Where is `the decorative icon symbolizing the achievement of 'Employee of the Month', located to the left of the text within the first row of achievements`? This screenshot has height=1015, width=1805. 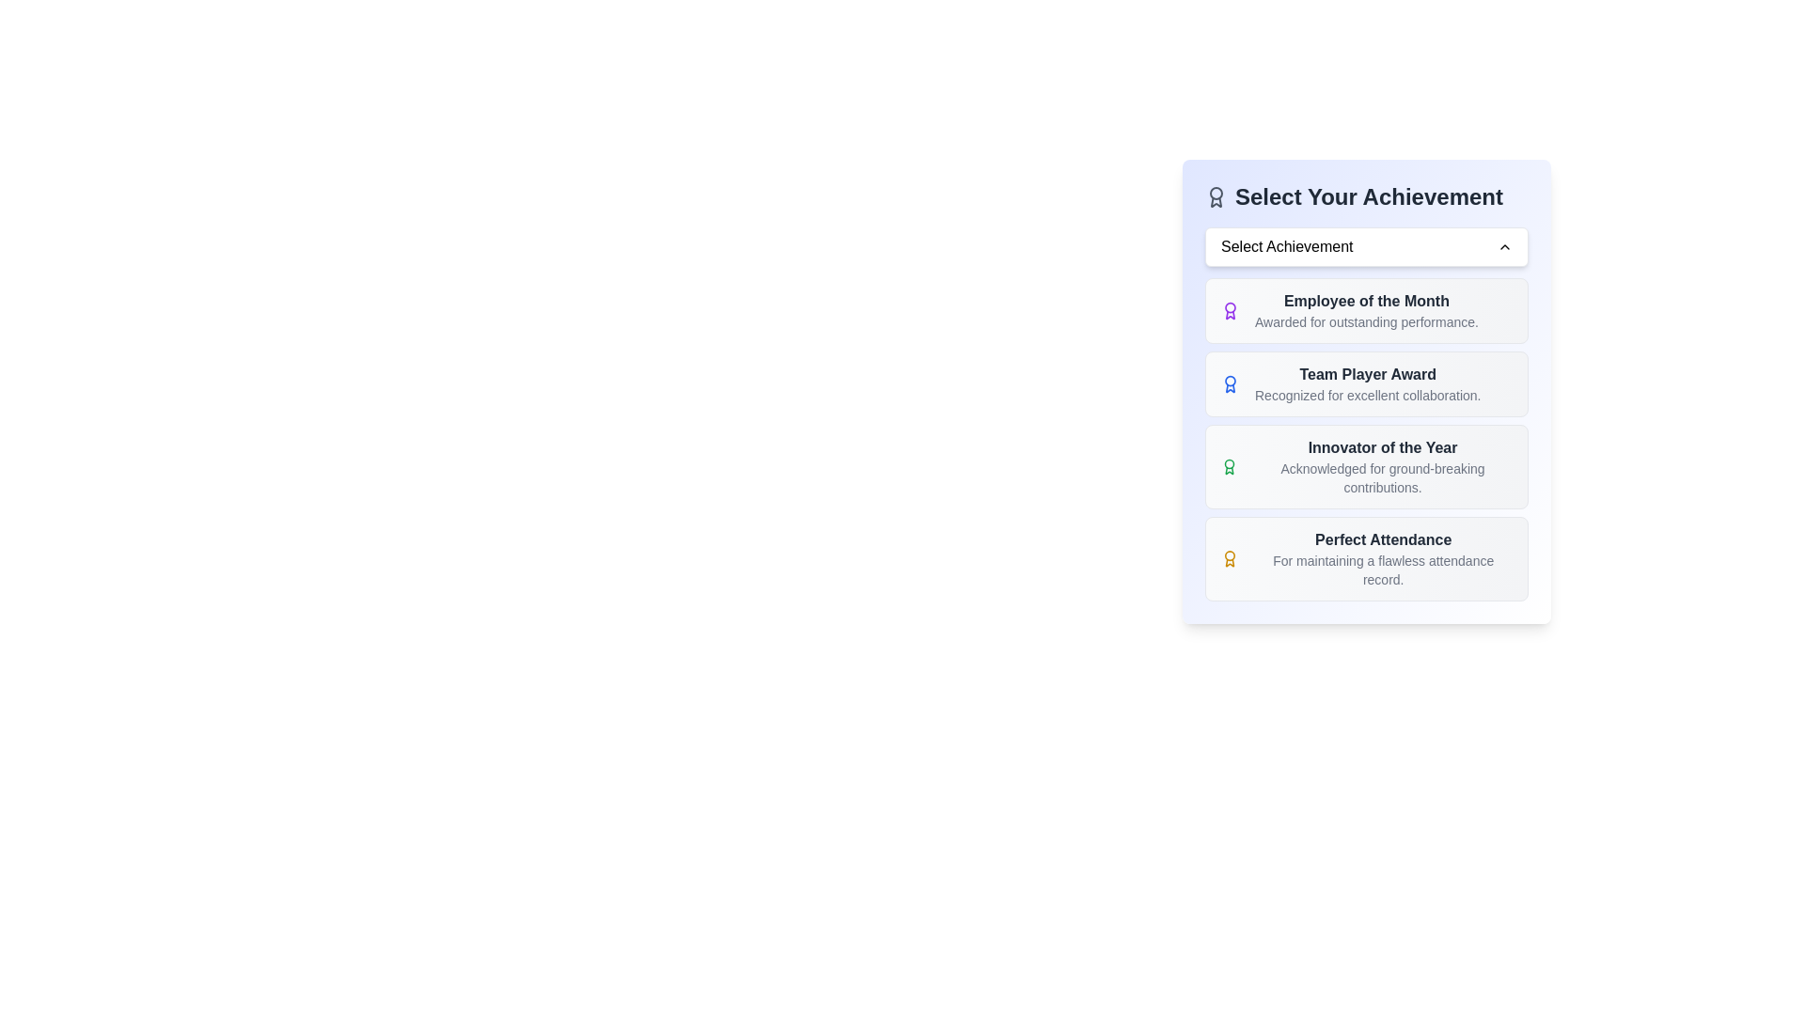 the decorative icon symbolizing the achievement of 'Employee of the Month', located to the left of the text within the first row of achievements is located at coordinates (1231, 310).